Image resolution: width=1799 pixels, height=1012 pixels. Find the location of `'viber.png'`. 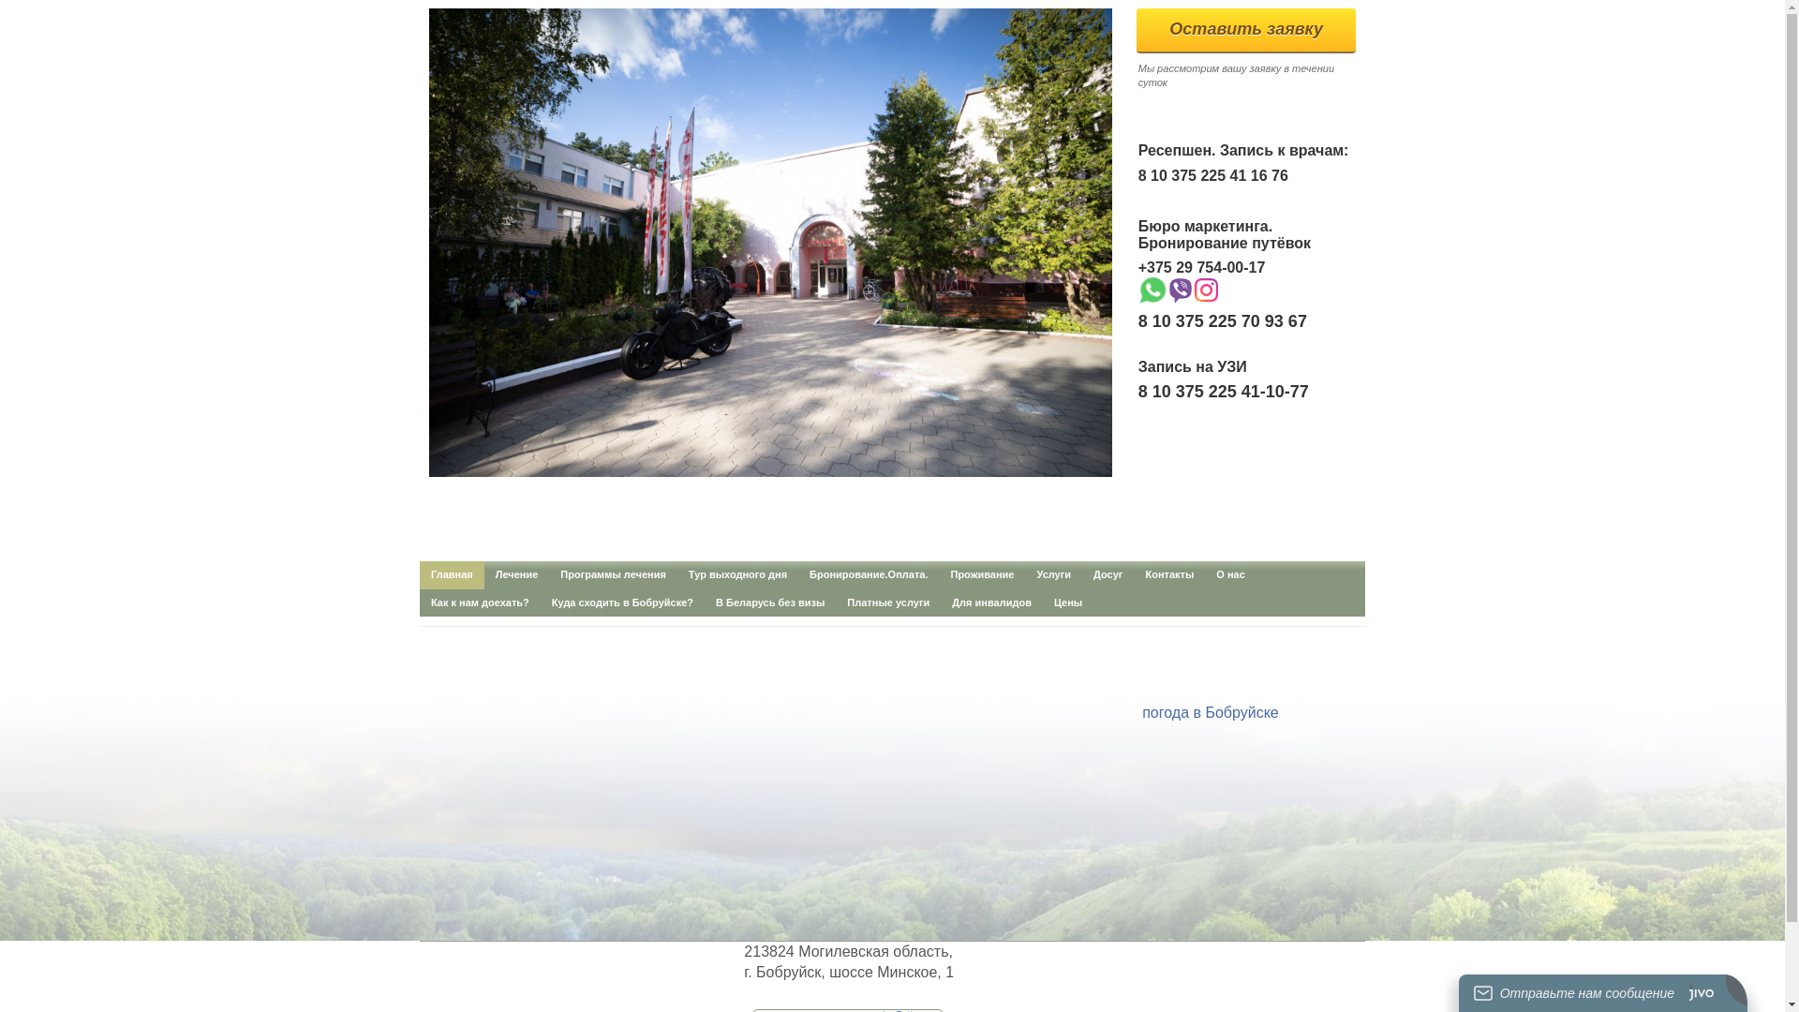

'viber.png' is located at coordinates (1179, 290).